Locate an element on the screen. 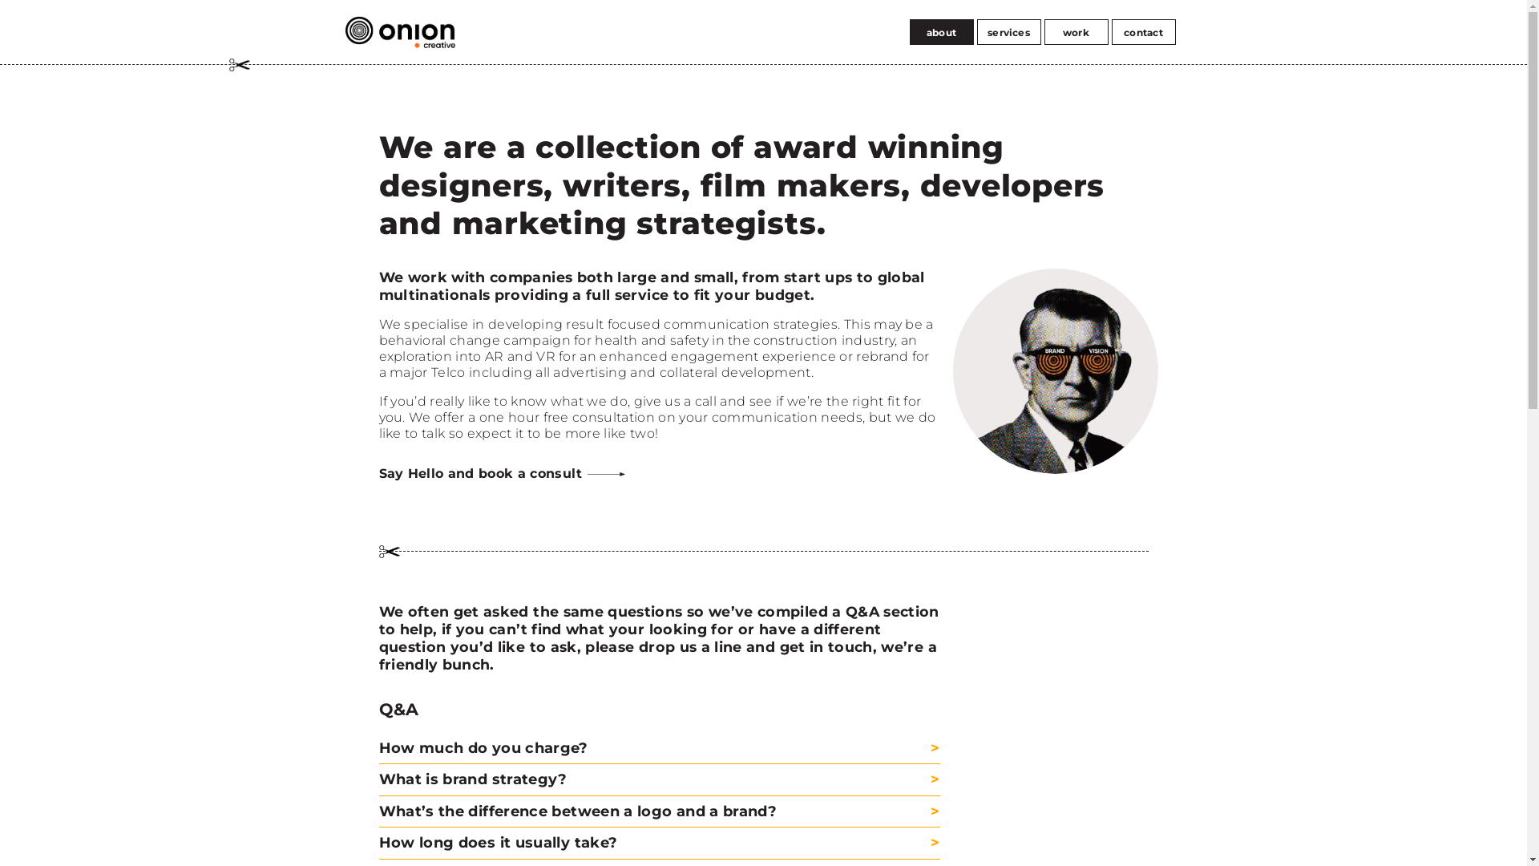 This screenshot has width=1539, height=866. 'services' is located at coordinates (1007, 31).